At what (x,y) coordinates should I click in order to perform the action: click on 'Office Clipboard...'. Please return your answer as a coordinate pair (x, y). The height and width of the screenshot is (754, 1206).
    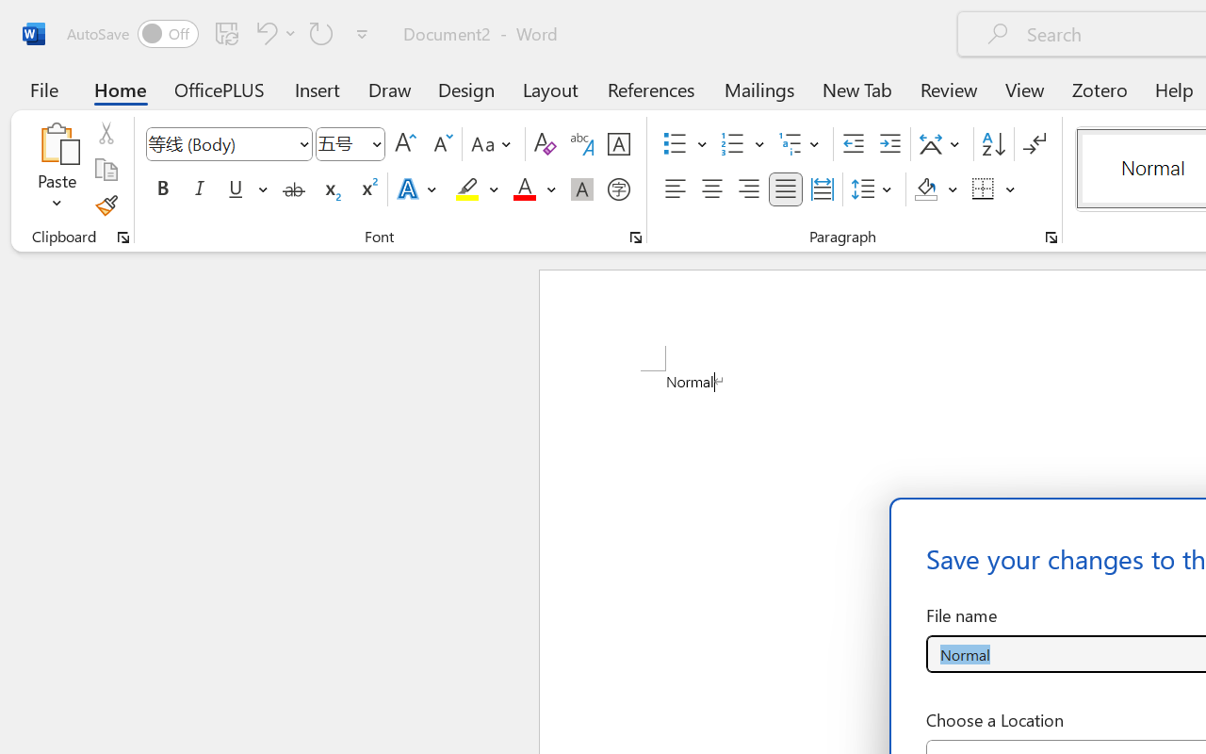
    Looking at the image, I should click on (122, 237).